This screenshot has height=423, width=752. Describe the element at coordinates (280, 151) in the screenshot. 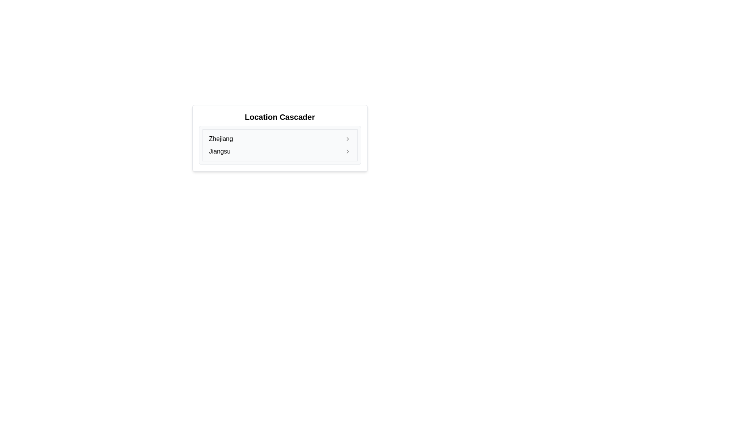

I see `the List element item labeled 'Jiangsu' which is the second item in the list` at that location.